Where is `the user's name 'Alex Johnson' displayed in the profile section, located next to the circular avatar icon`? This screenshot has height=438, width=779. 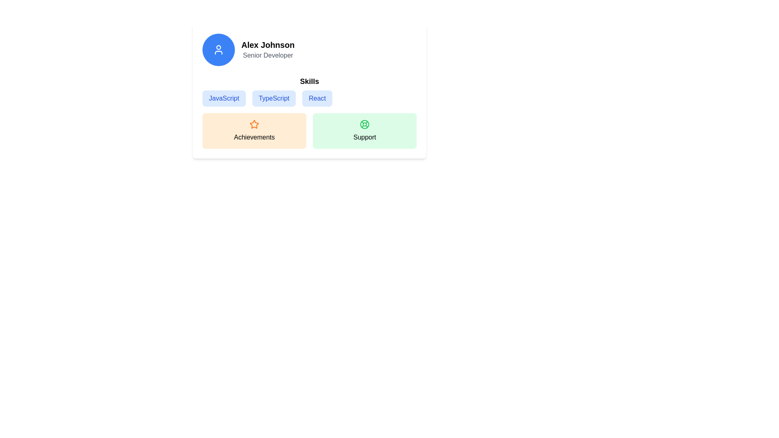 the user's name 'Alex Johnson' displayed in the profile section, located next to the circular avatar icon is located at coordinates (268, 45).